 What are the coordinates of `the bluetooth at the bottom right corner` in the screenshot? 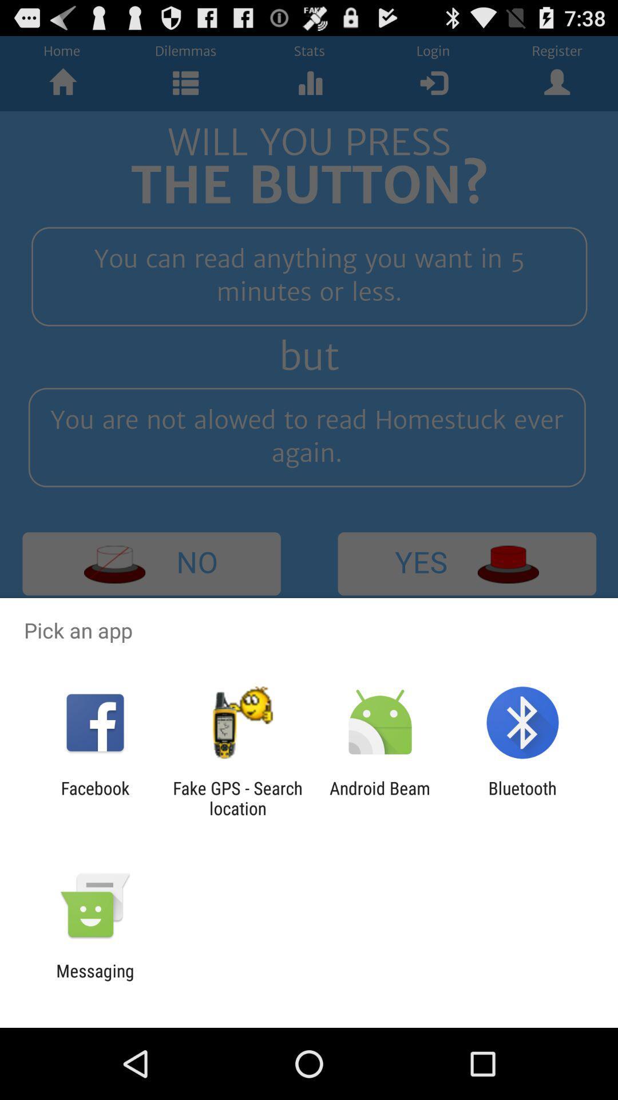 It's located at (522, 797).